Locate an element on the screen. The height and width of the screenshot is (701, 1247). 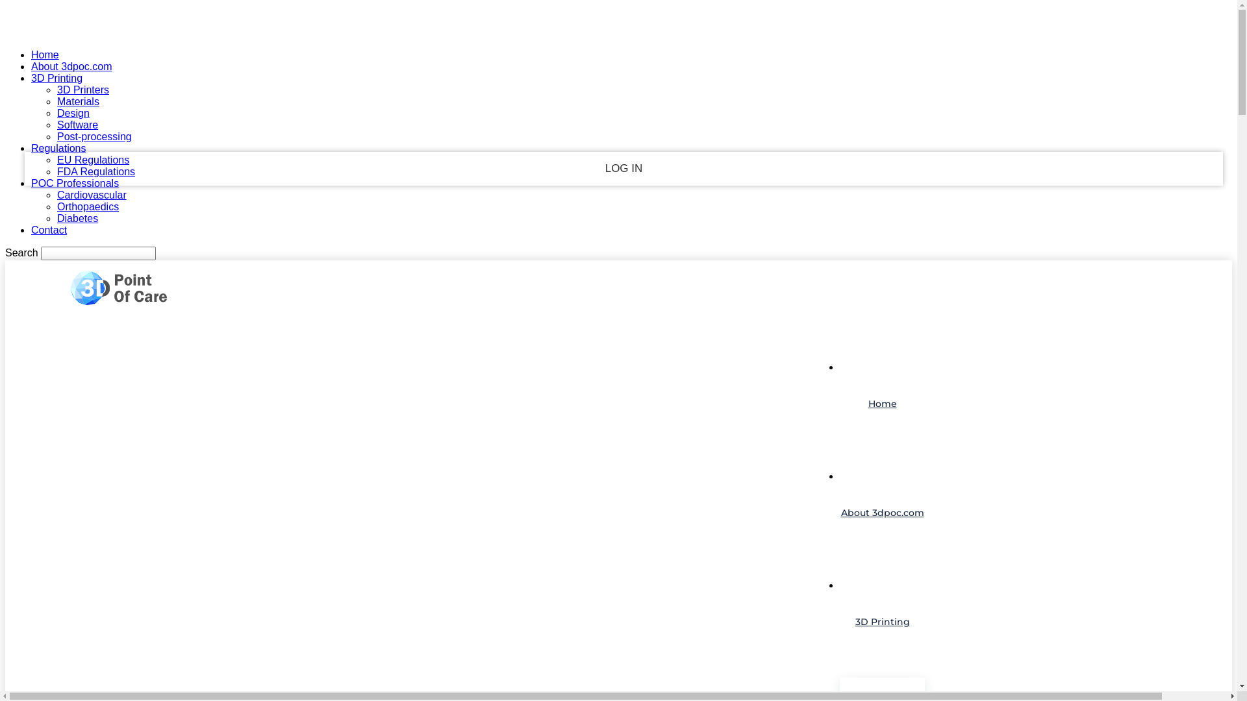
'3D Printing' is located at coordinates (56, 78).